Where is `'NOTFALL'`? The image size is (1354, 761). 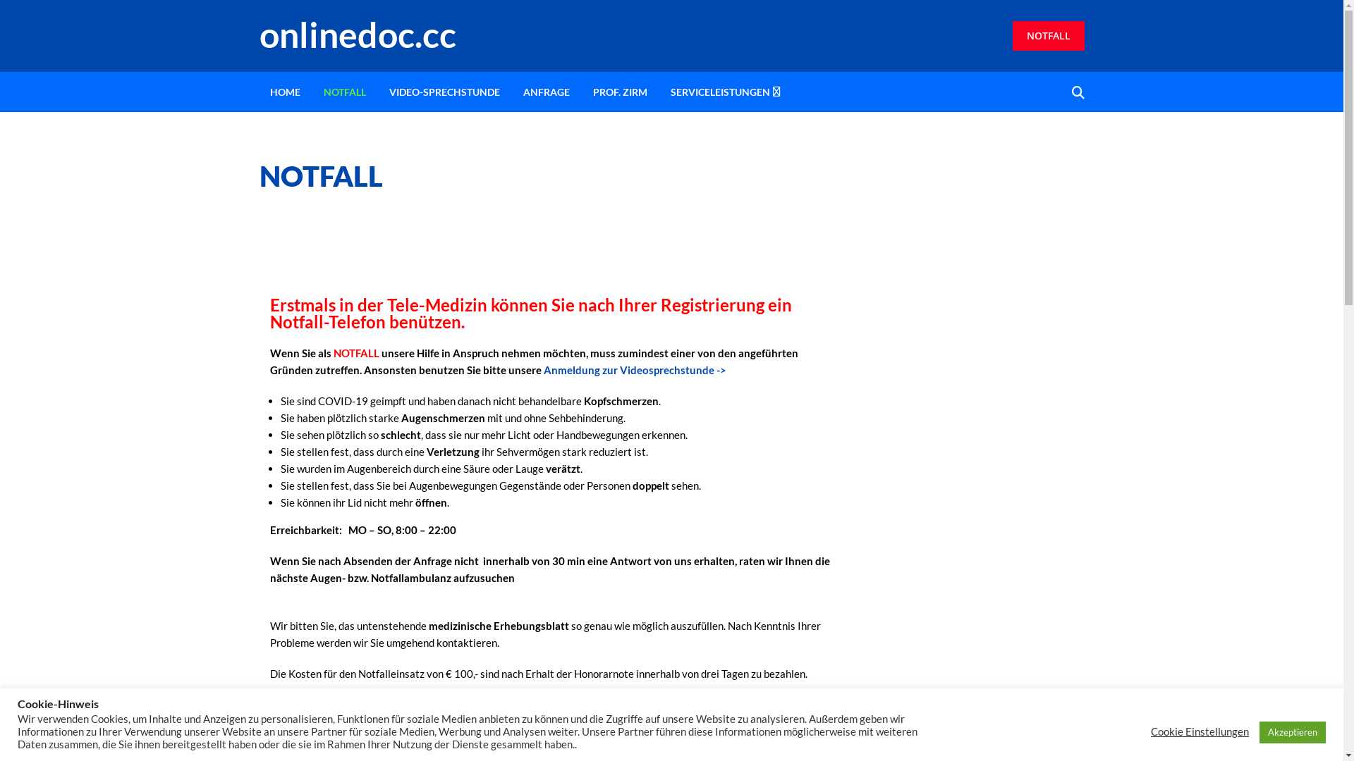 'NOTFALL' is located at coordinates (1049, 35).